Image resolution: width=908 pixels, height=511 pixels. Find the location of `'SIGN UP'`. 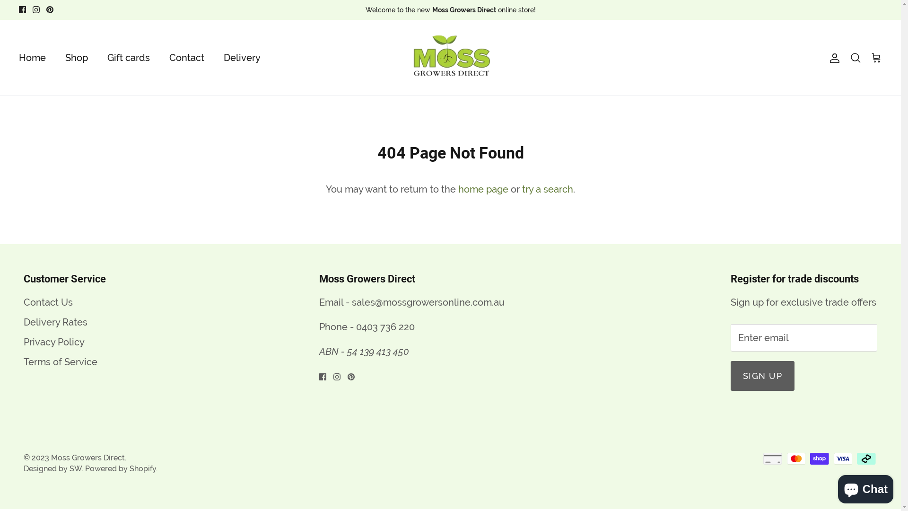

'SIGN UP' is located at coordinates (762, 375).